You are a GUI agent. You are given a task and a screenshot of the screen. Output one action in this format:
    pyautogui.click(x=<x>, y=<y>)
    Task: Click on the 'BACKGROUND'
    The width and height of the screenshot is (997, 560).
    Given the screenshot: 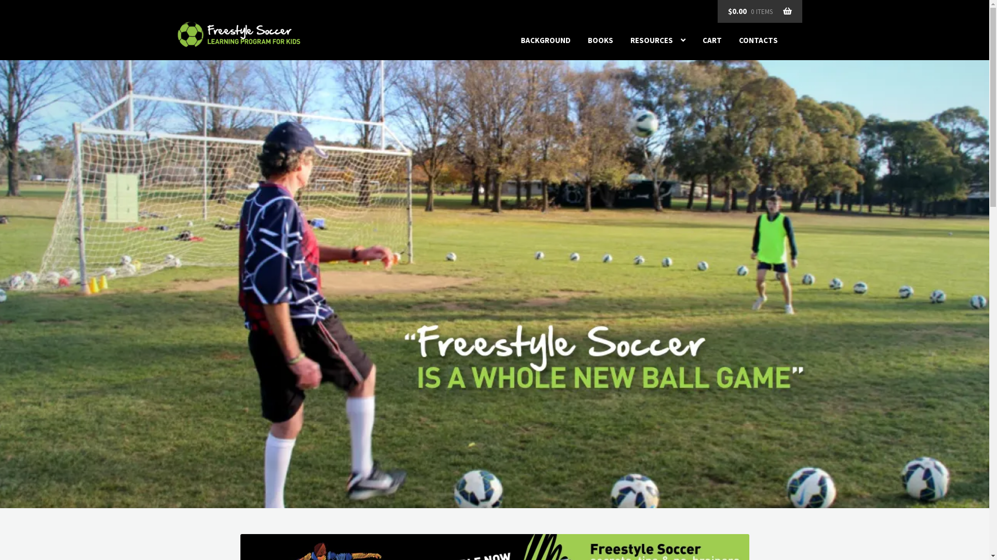 What is the action you would take?
    pyautogui.click(x=545, y=40)
    